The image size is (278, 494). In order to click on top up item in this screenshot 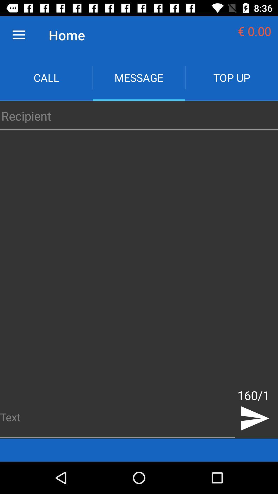, I will do `click(231, 77)`.